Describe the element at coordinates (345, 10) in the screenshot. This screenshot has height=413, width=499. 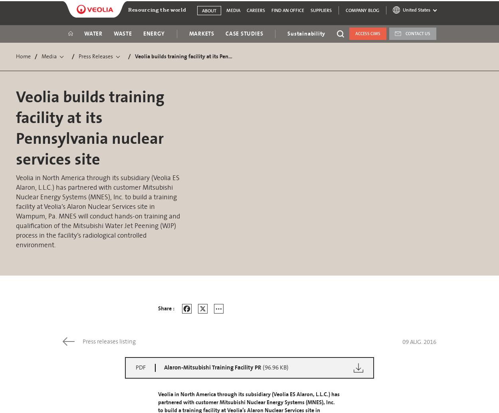
I see `'Company Blog'` at that location.